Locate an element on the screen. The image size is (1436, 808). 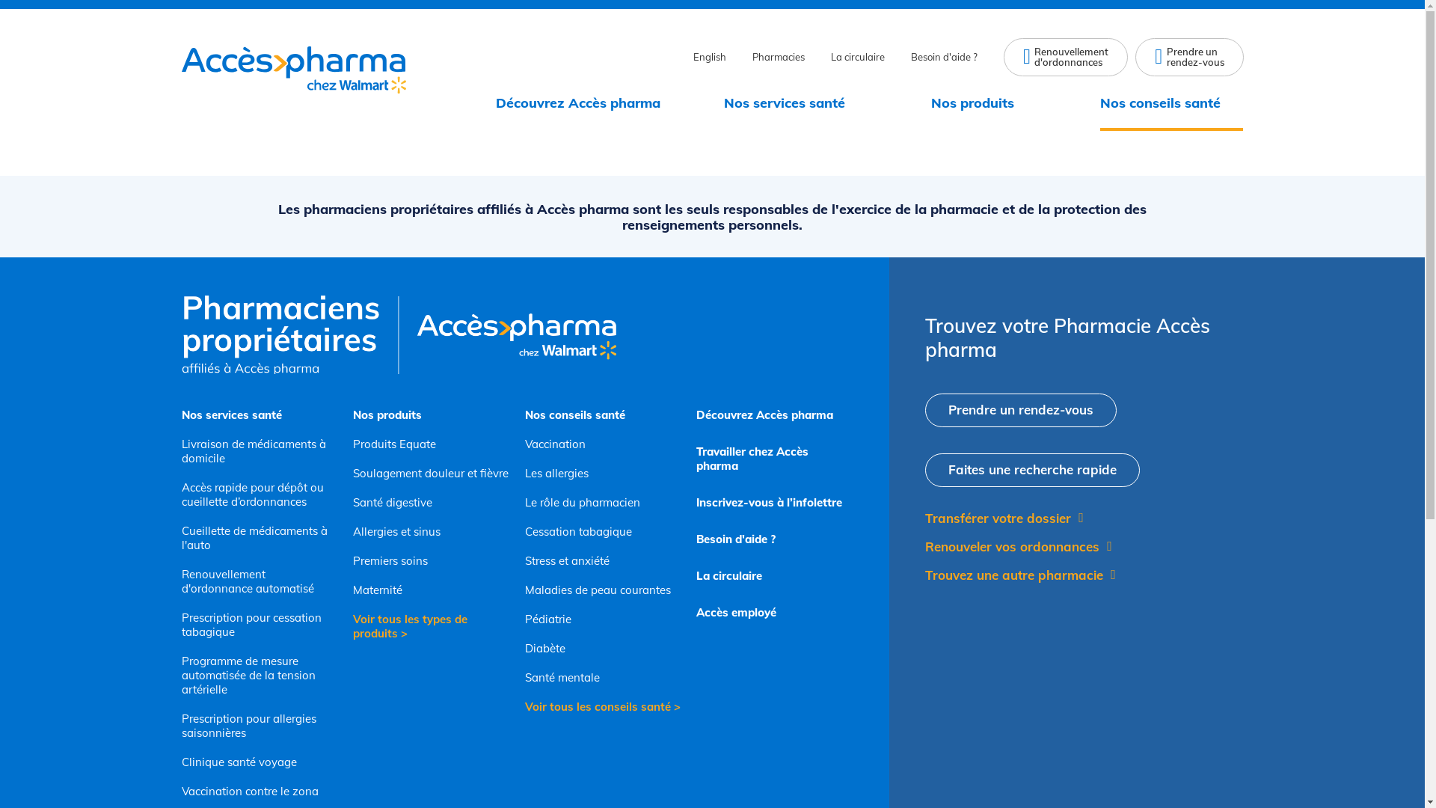
'Premiers soins' is located at coordinates (430, 560).